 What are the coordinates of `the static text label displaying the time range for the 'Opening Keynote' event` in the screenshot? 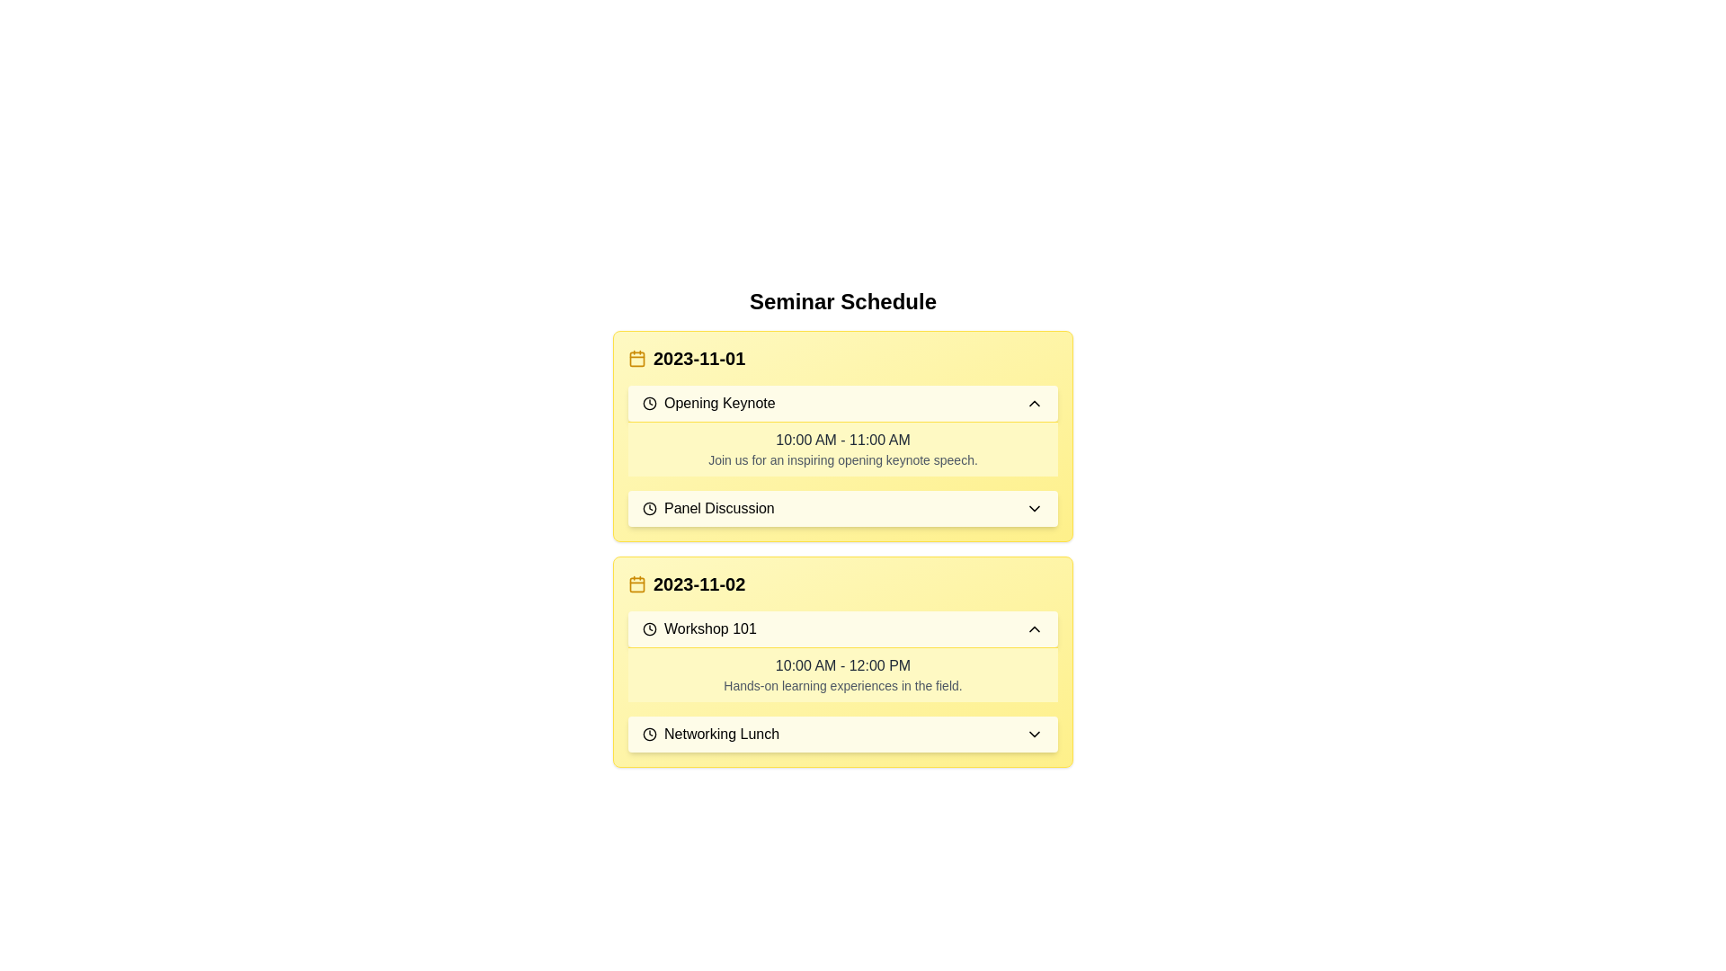 It's located at (841, 440).